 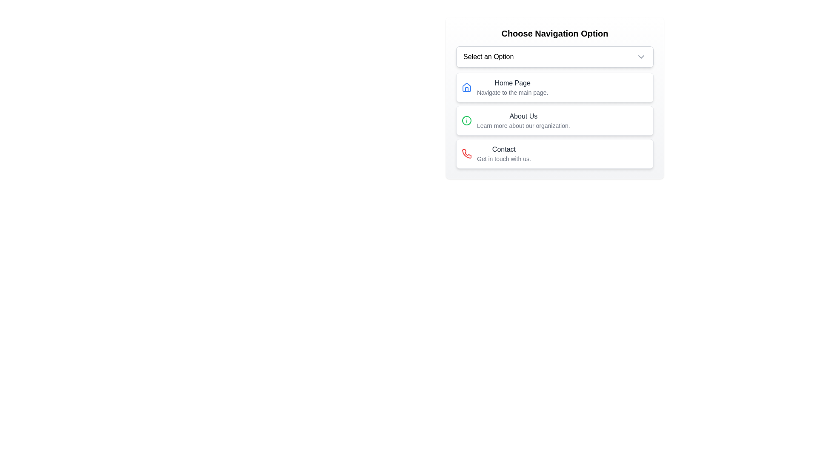 I want to click on the 'Home Page' button in the navigation menu, so click(x=512, y=87).